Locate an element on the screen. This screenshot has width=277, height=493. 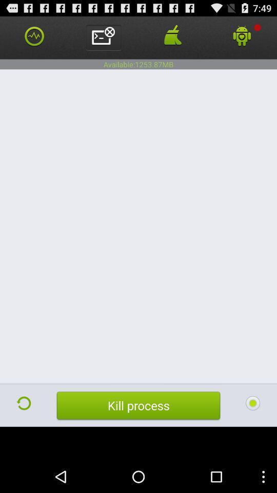
the email icon is located at coordinates (104, 40).